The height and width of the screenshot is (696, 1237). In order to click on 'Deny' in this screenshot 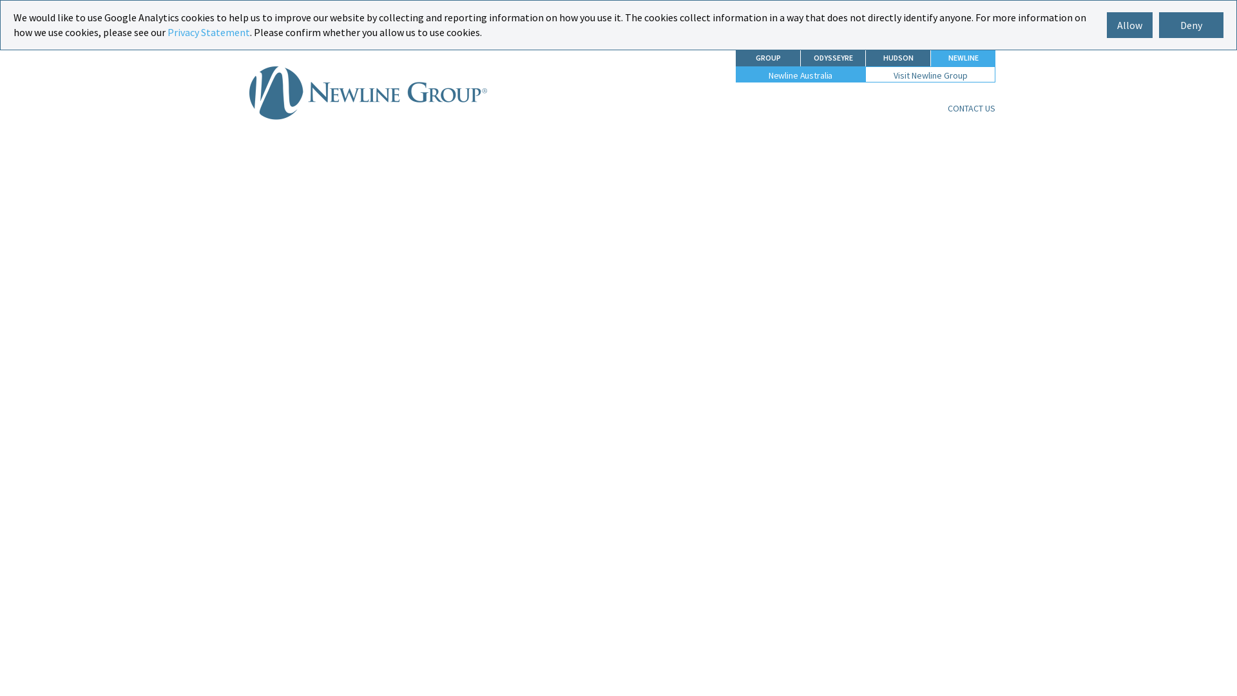, I will do `click(1190, 25)`.